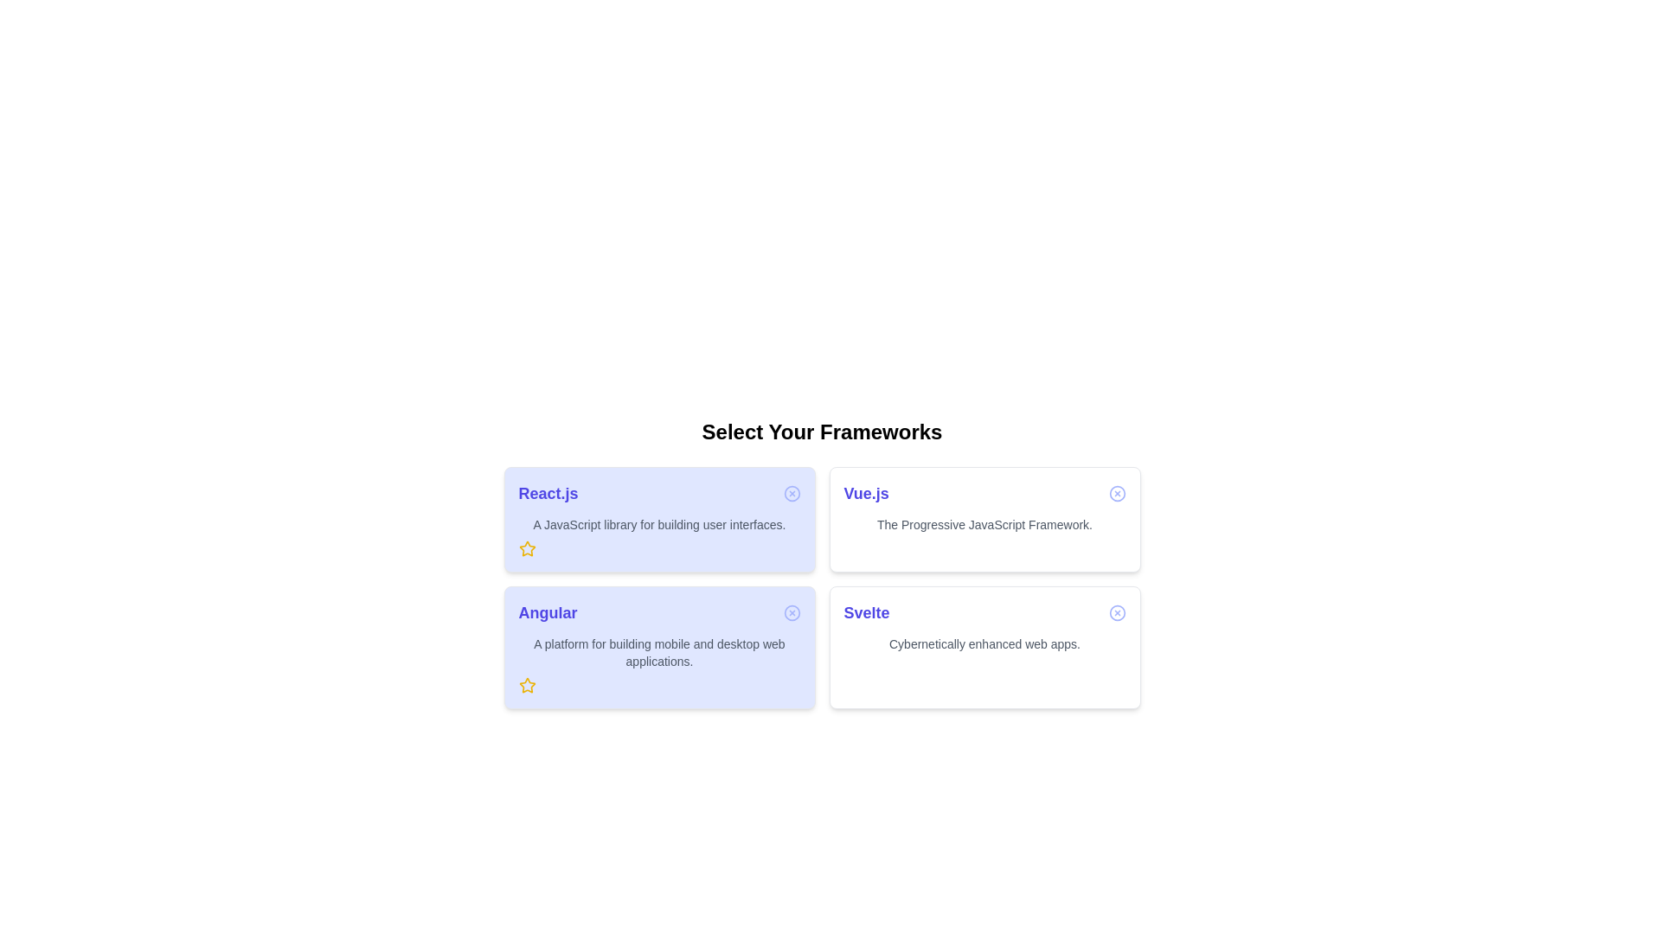 This screenshot has width=1661, height=934. What do you see at coordinates (791, 612) in the screenshot?
I see `close button on the chip labeled Angular to remove it` at bounding box center [791, 612].